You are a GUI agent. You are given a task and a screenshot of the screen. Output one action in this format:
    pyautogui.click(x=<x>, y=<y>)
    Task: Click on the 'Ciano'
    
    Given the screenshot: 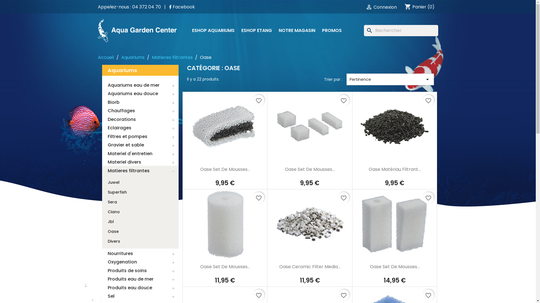 What is the action you would take?
    pyautogui.click(x=113, y=212)
    